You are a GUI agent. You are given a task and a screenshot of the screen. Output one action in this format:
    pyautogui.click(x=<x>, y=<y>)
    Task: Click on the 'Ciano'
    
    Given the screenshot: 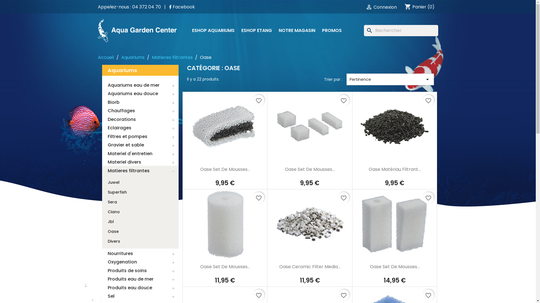 What is the action you would take?
    pyautogui.click(x=113, y=212)
    